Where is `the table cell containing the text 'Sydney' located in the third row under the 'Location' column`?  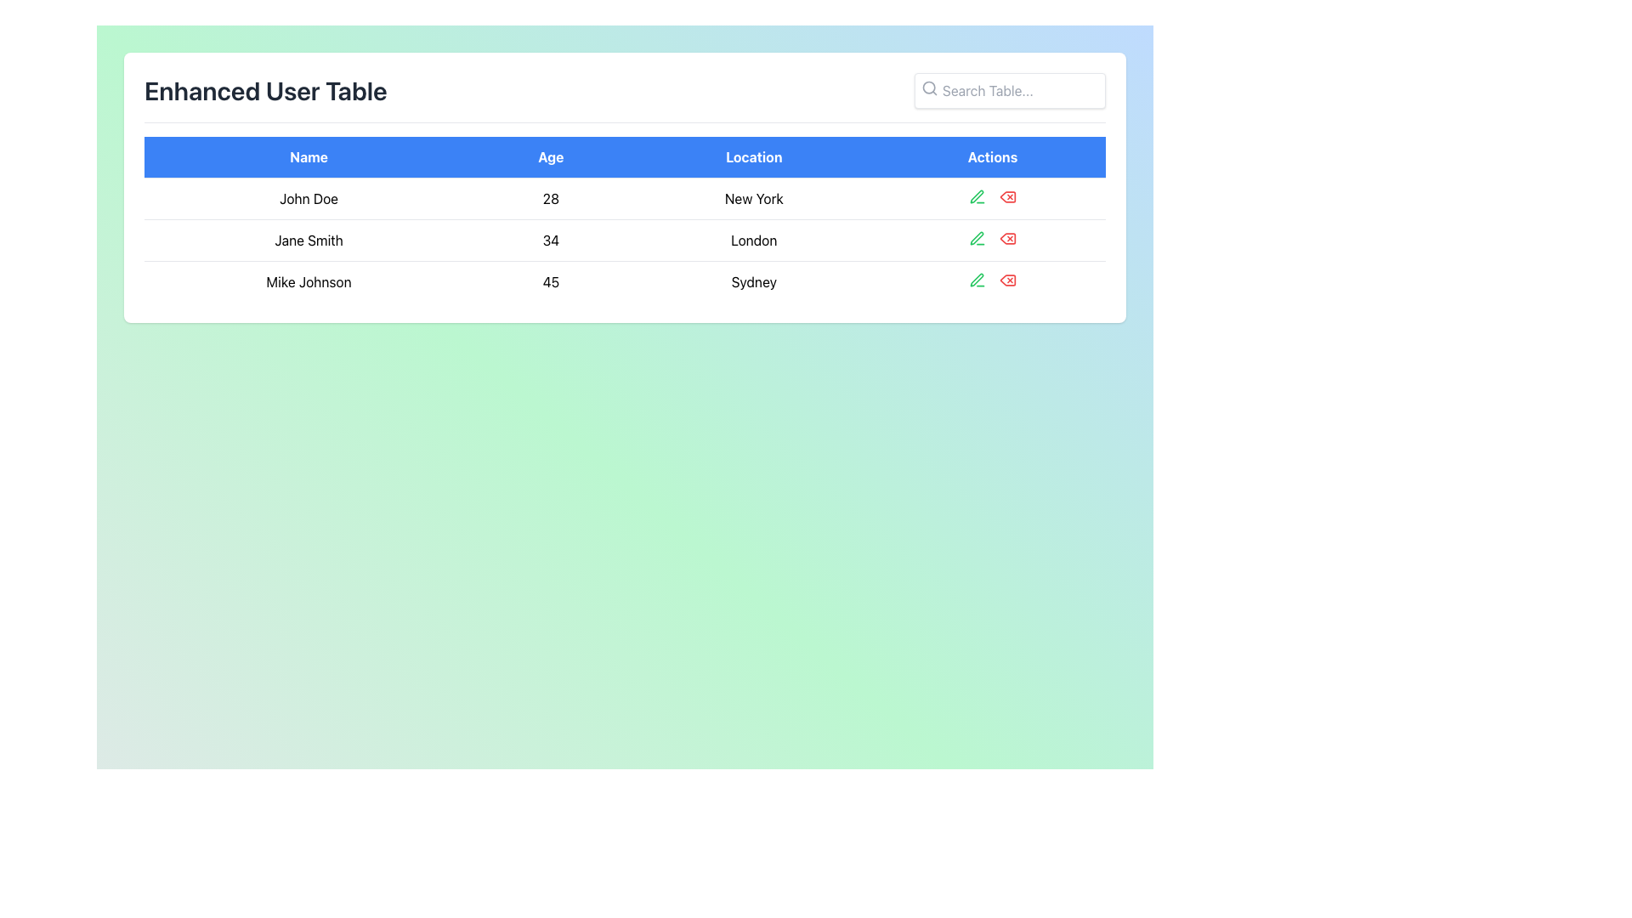 the table cell containing the text 'Sydney' located in the third row under the 'Location' column is located at coordinates (753, 280).